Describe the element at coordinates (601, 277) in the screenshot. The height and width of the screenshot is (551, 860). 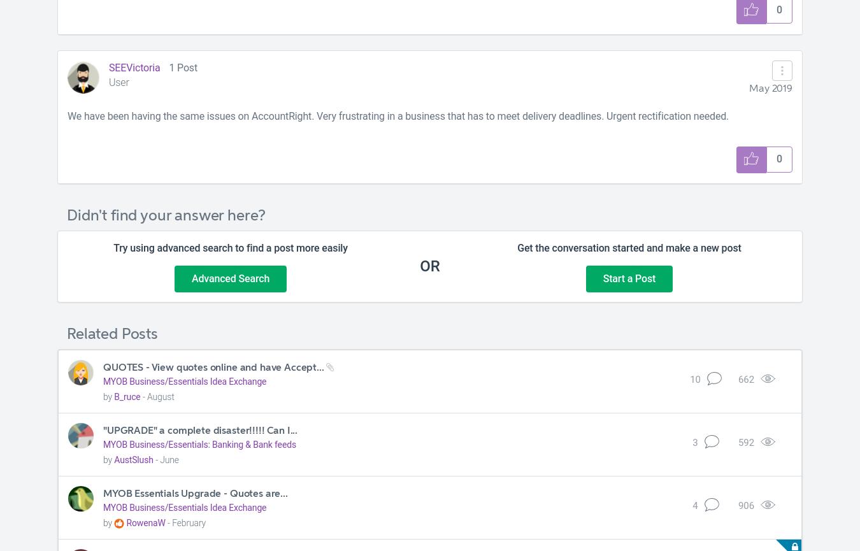
I see `'Start a Post'` at that location.